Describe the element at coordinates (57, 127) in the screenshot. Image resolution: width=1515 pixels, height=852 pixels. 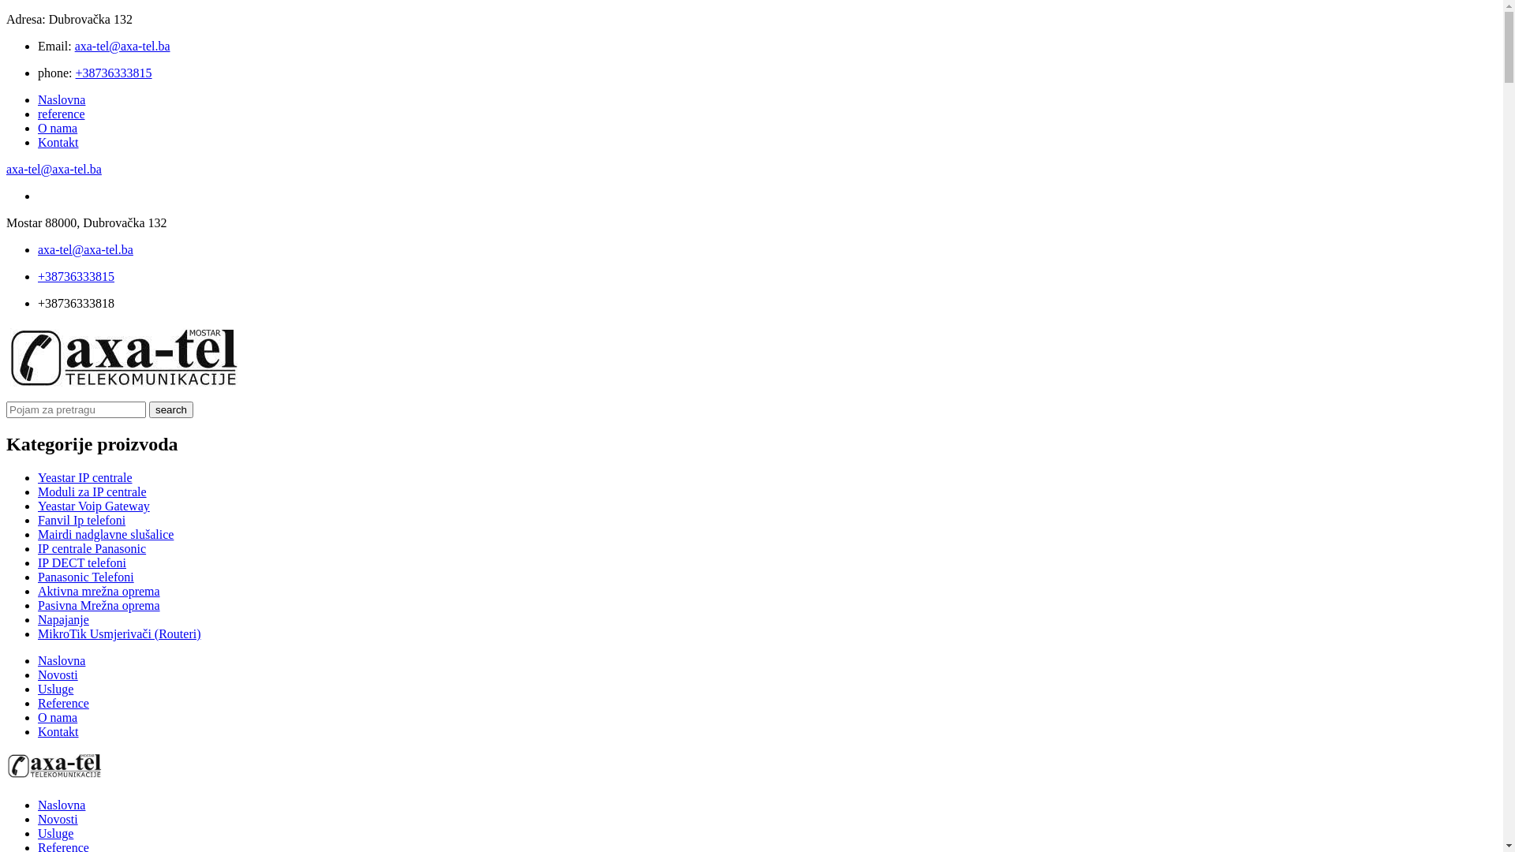
I see `'O nama'` at that location.